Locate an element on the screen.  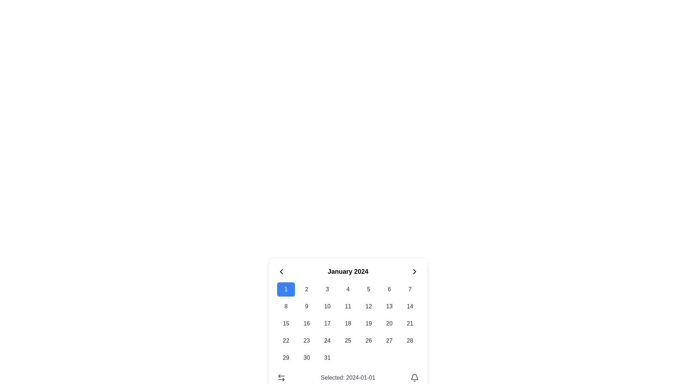
the text button representing the day in the calendar view, located at the fifth position in the first row of a 7-column layout is located at coordinates (369, 289).